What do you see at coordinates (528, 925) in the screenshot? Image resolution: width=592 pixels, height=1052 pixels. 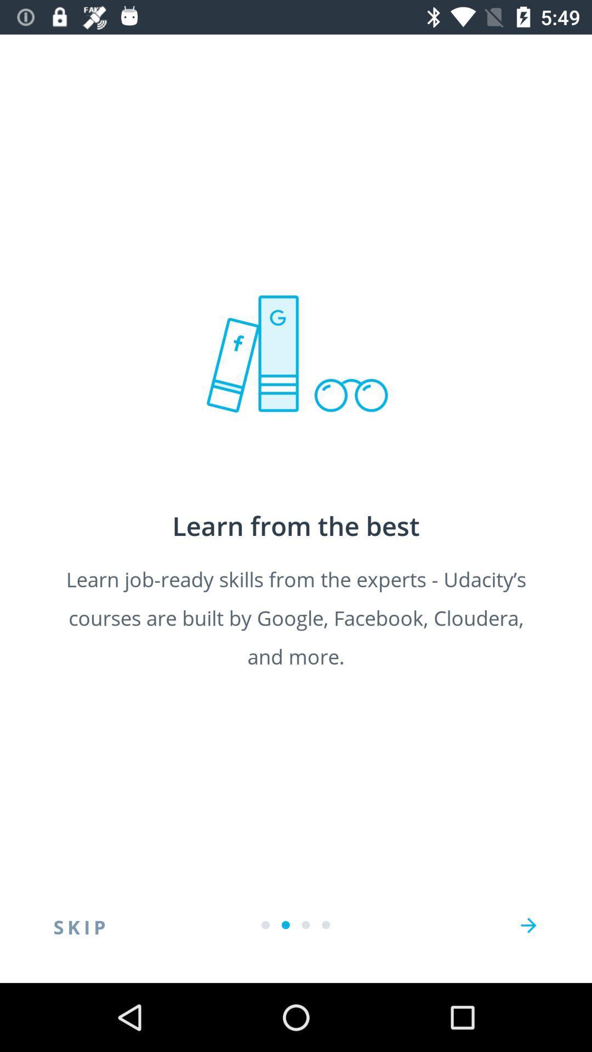 I see `icon below the learn job ready` at bounding box center [528, 925].